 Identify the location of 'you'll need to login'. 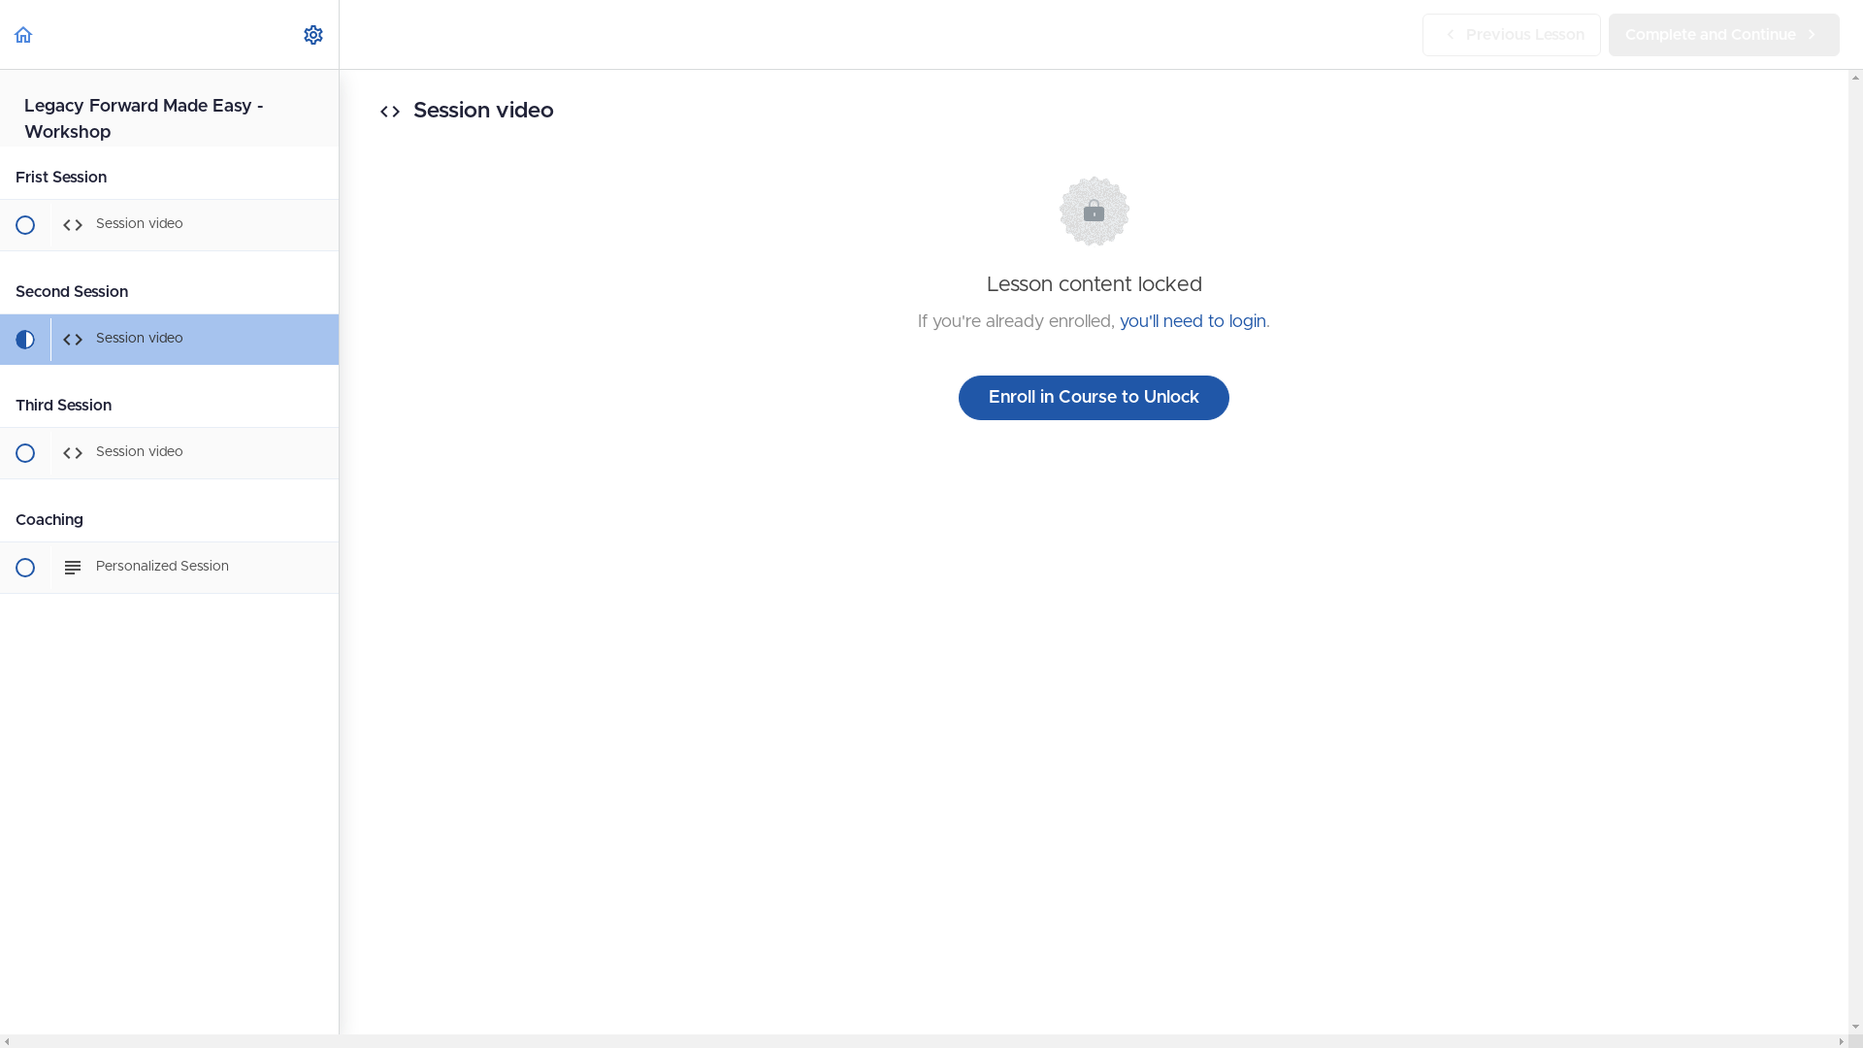
(1192, 320).